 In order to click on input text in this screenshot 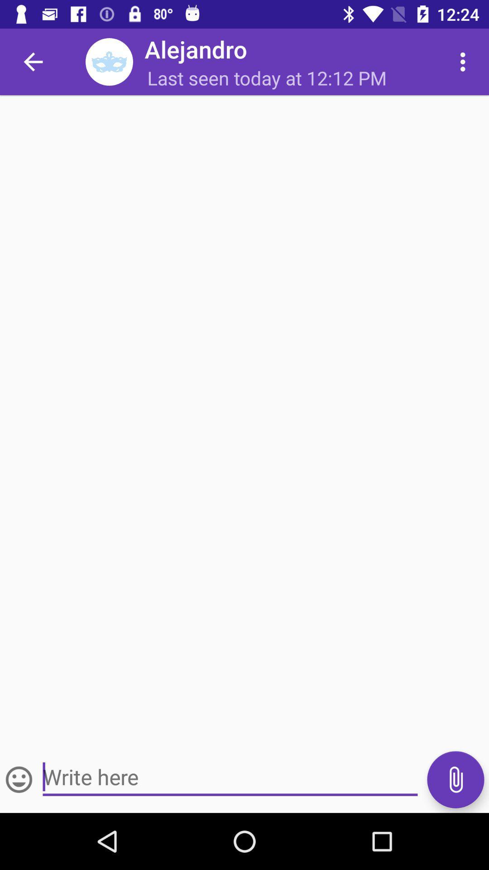, I will do `click(230, 777)`.